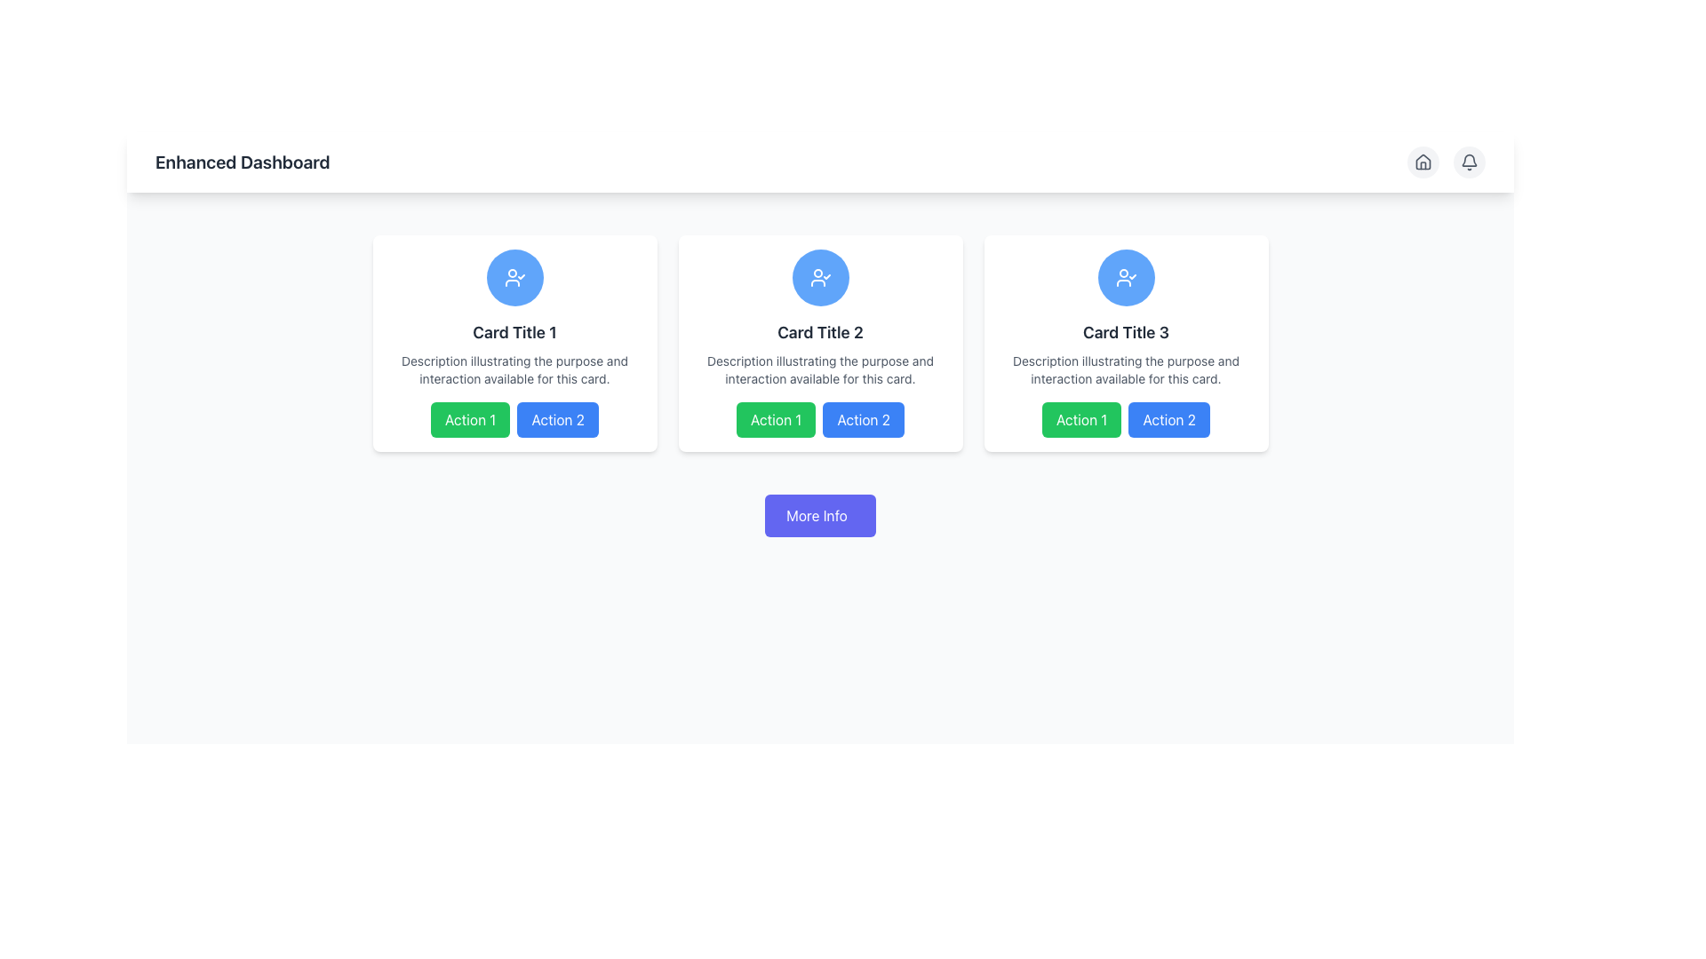 This screenshot has height=959, width=1706. Describe the element at coordinates (819, 516) in the screenshot. I see `the button located at the bottom of the layout, centered horizontally beneath a row of cards` at that location.